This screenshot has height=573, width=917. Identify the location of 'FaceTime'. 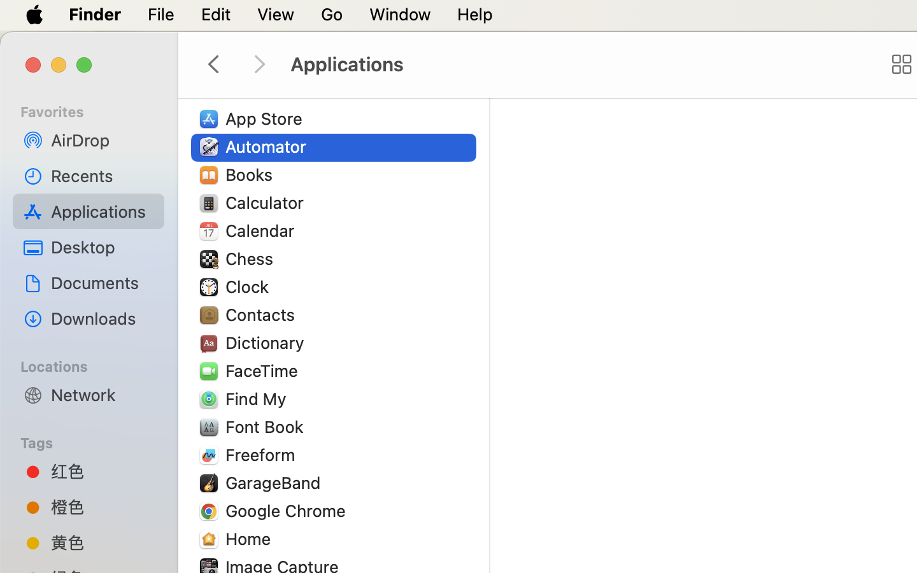
(264, 371).